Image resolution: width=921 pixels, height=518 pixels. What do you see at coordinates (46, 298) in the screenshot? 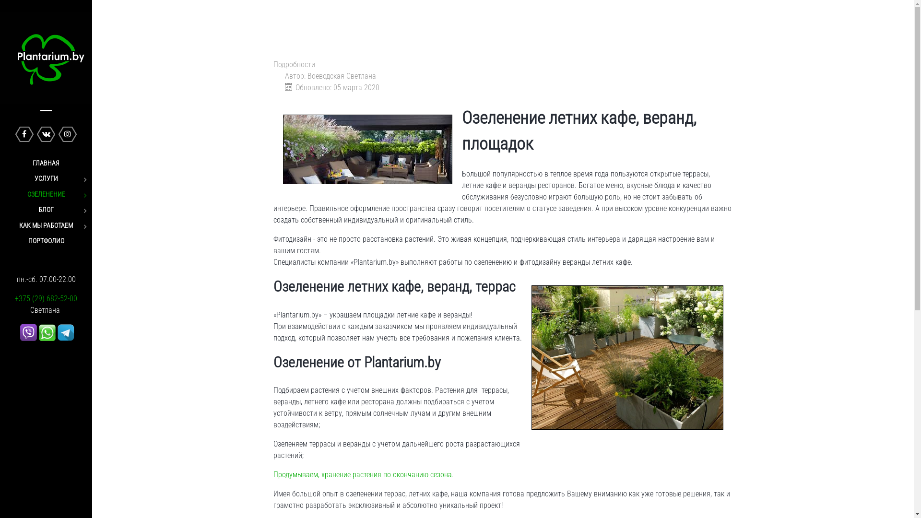
I see `'+375 (29) 682-52-00'` at bounding box center [46, 298].